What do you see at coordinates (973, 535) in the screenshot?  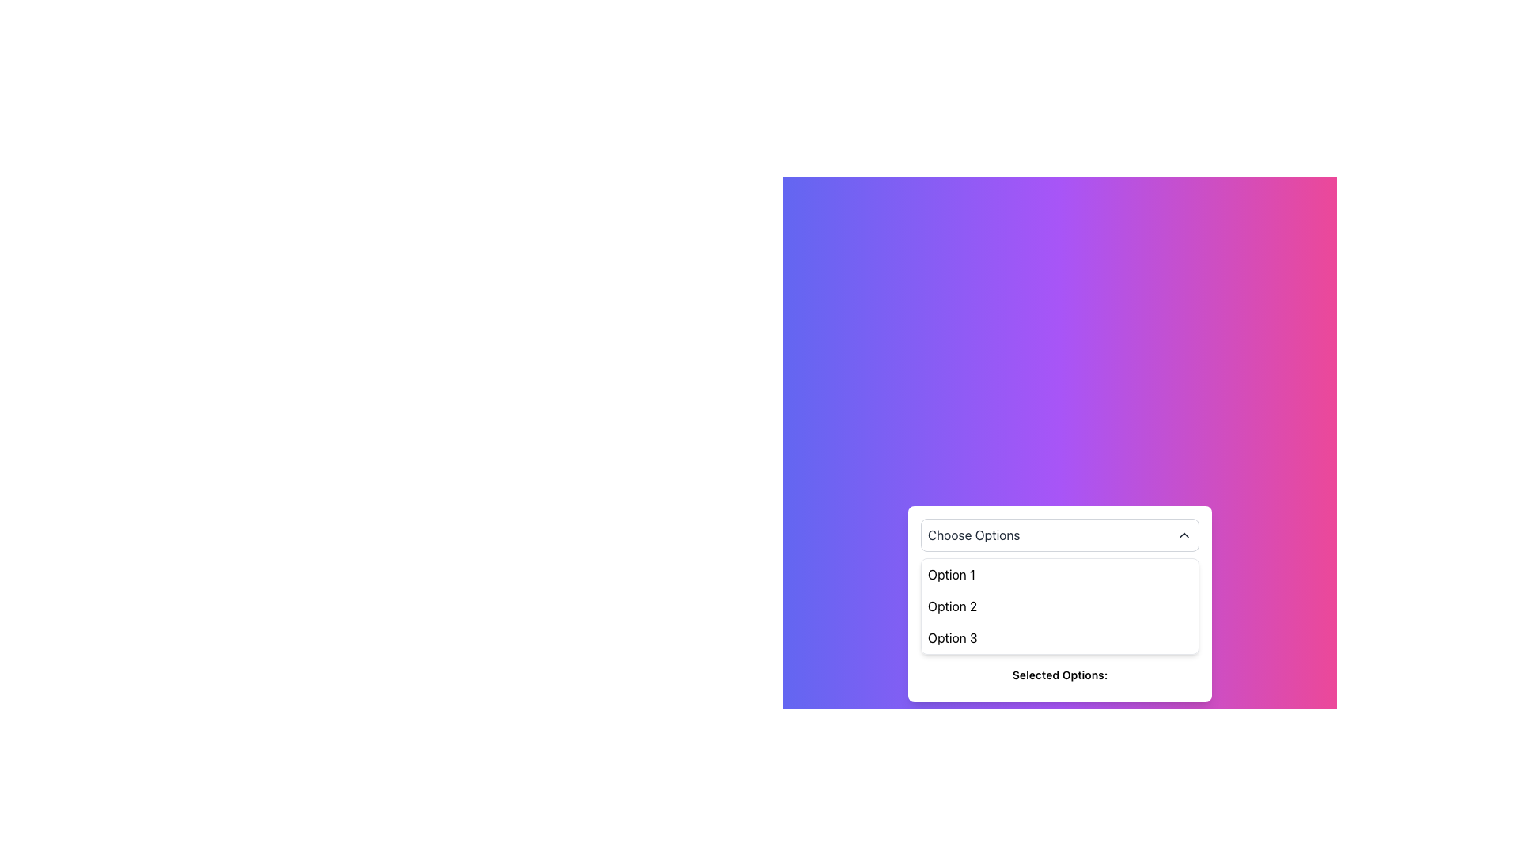 I see `the static text label displaying 'Choose Options' in the dropdown menu interface` at bounding box center [973, 535].